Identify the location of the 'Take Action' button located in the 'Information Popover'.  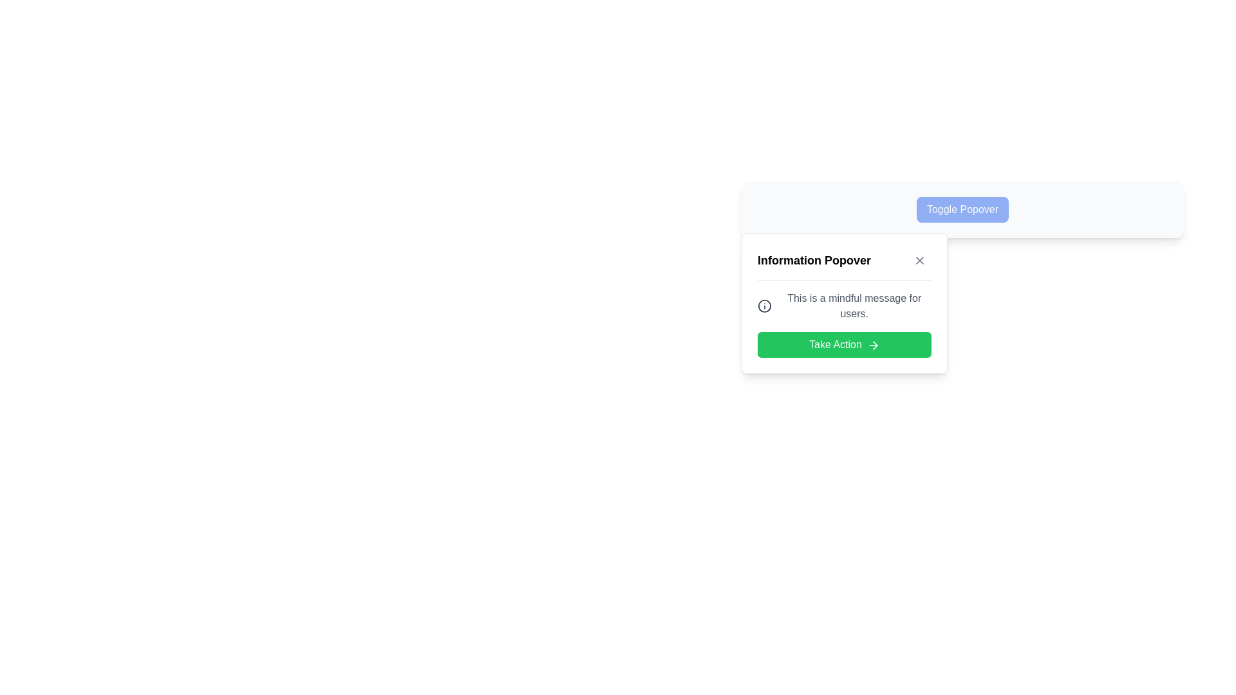
(844, 344).